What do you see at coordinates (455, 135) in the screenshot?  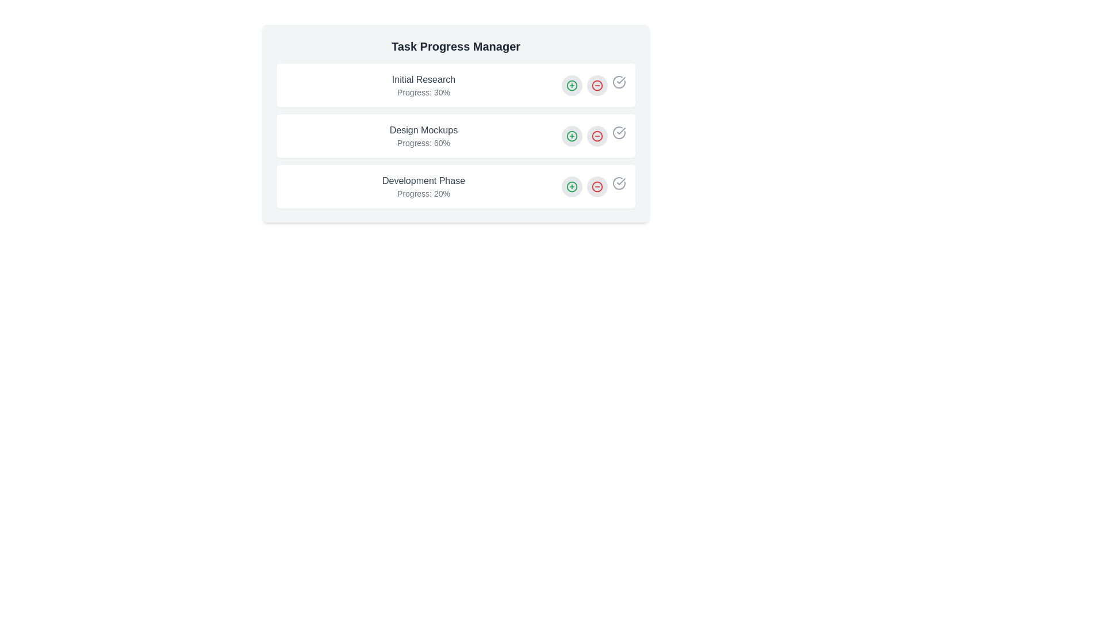 I see `progress details of the middle task entry in the Progress tracking section of the 'Task Progress Manager'` at bounding box center [455, 135].